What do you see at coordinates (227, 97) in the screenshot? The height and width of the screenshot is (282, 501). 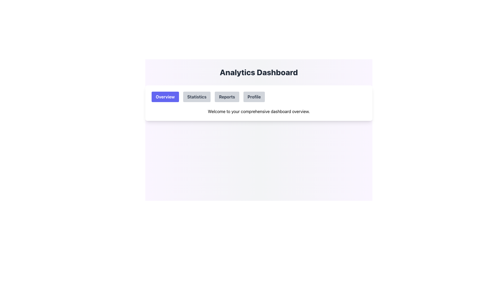 I see `the 'Reports' button located in the upper section of the interface` at bounding box center [227, 97].